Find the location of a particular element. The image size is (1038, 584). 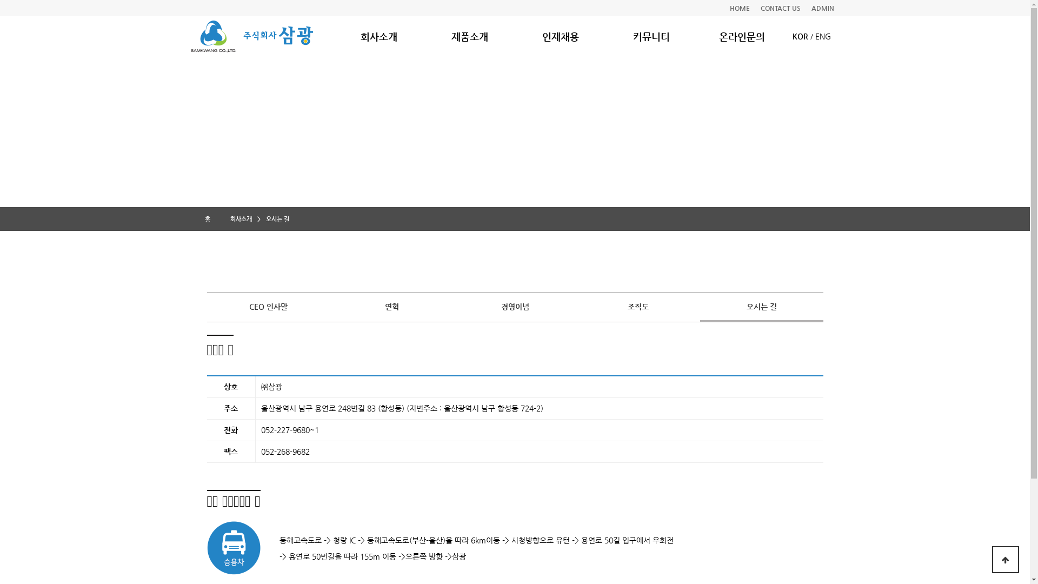

'CONTACT US' is located at coordinates (780, 8).